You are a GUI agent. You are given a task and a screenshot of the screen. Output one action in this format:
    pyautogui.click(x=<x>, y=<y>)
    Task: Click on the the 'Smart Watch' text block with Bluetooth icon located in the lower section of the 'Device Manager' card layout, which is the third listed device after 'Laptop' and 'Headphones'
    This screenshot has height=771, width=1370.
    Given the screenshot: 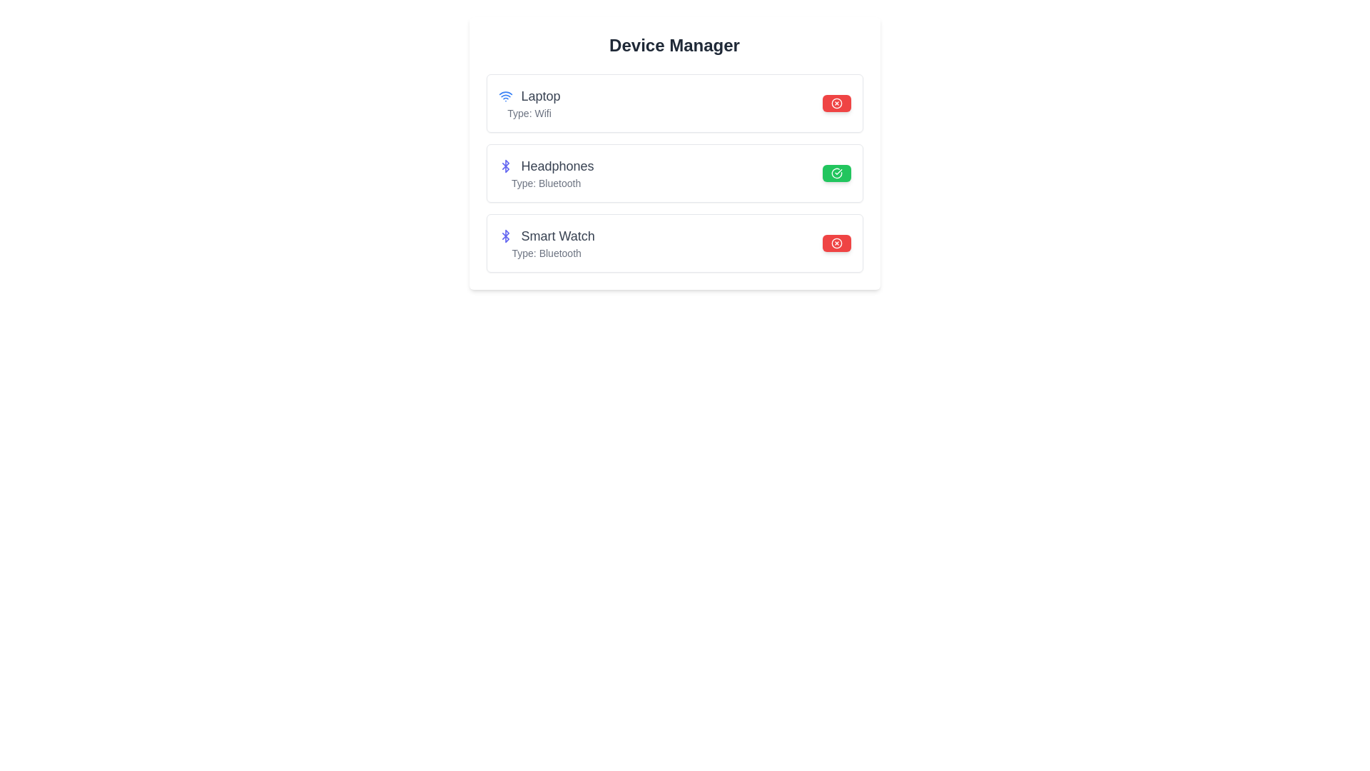 What is the action you would take?
    pyautogui.click(x=546, y=242)
    